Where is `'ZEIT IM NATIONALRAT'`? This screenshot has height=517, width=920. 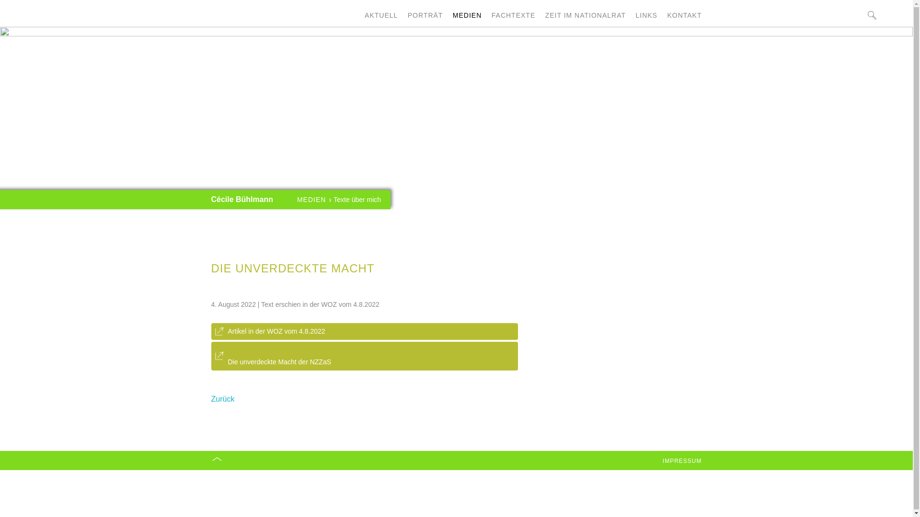
'ZEIT IM NATIONALRAT' is located at coordinates (585, 15).